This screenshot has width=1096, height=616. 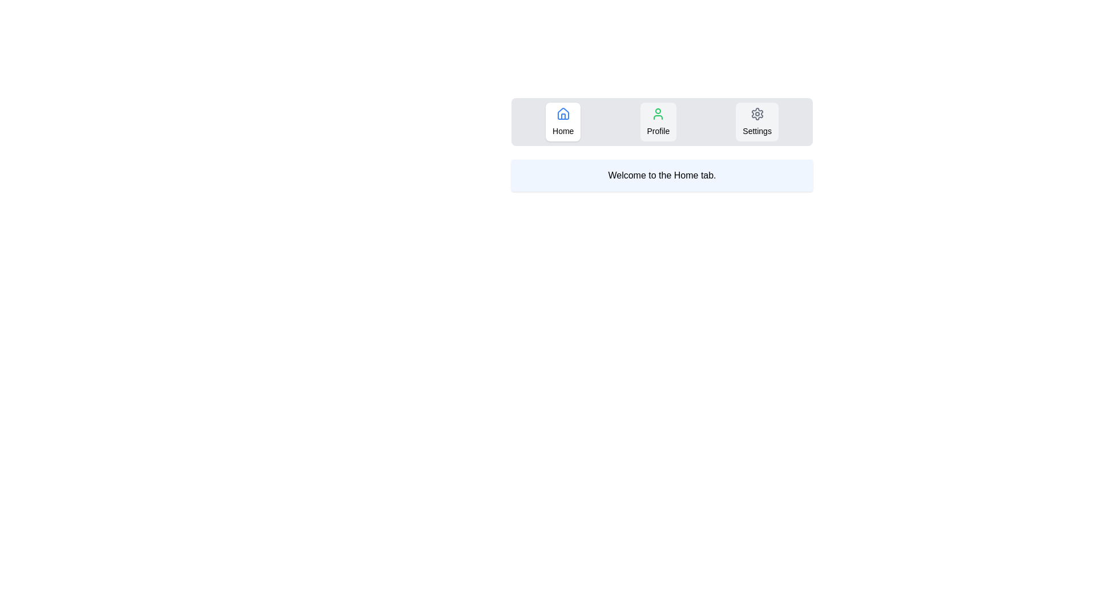 What do you see at coordinates (756, 121) in the screenshot?
I see `the Settings tab to view its hover effect` at bounding box center [756, 121].